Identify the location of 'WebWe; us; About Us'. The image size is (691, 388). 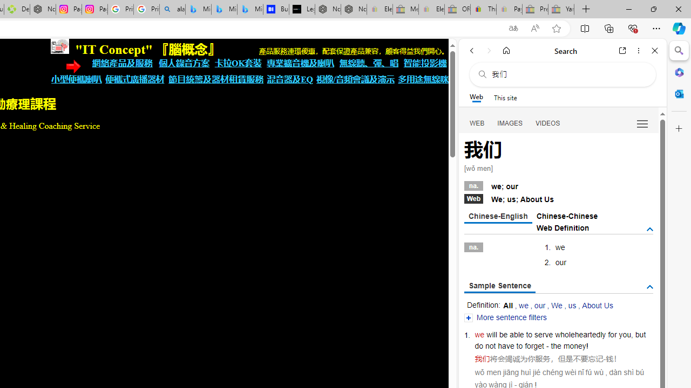
(558, 198).